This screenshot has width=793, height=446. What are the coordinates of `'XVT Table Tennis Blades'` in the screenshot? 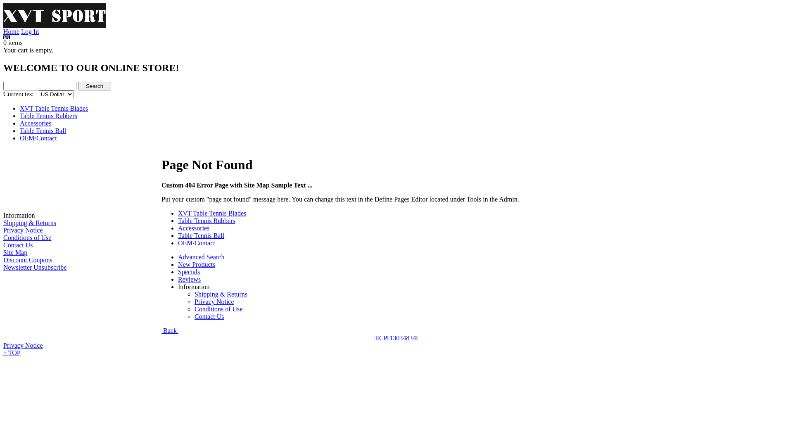 It's located at (53, 108).